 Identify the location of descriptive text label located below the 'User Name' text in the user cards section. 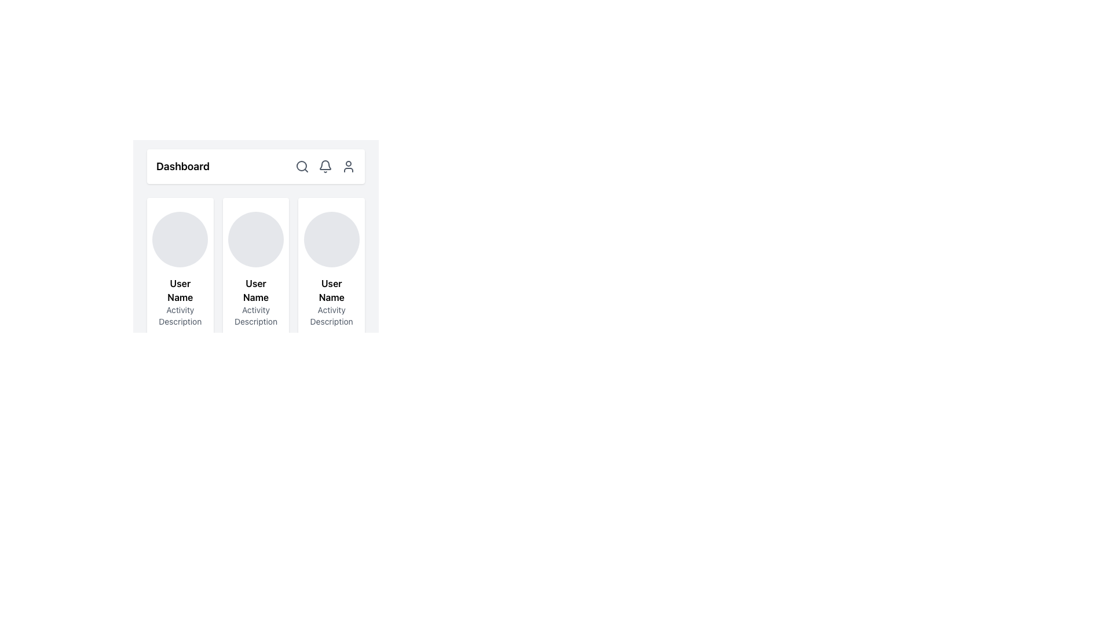
(180, 316).